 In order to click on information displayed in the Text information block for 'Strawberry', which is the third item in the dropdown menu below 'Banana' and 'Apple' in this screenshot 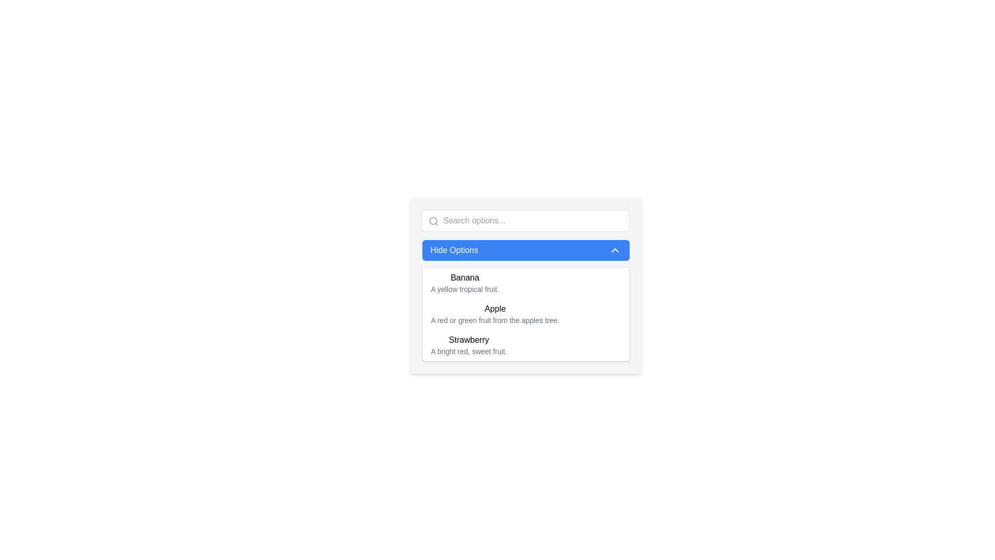, I will do `click(468, 345)`.